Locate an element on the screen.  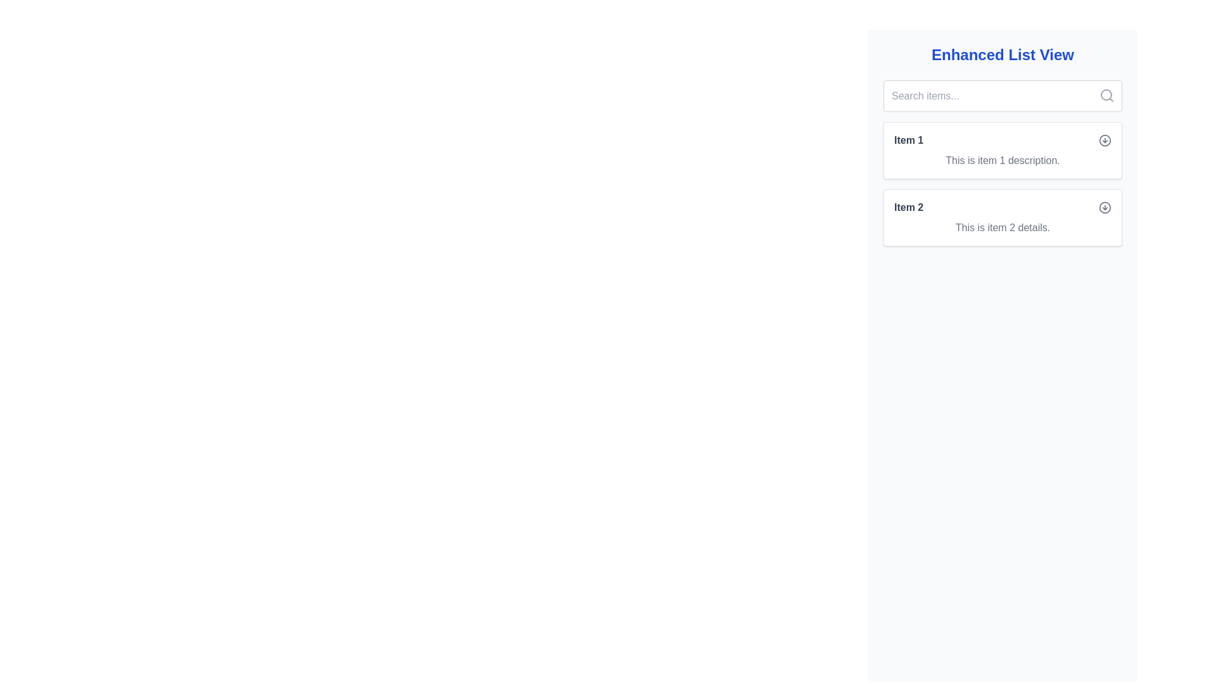
the magnifying glass icon located at the top right corner of the search input box is located at coordinates (1106, 94).